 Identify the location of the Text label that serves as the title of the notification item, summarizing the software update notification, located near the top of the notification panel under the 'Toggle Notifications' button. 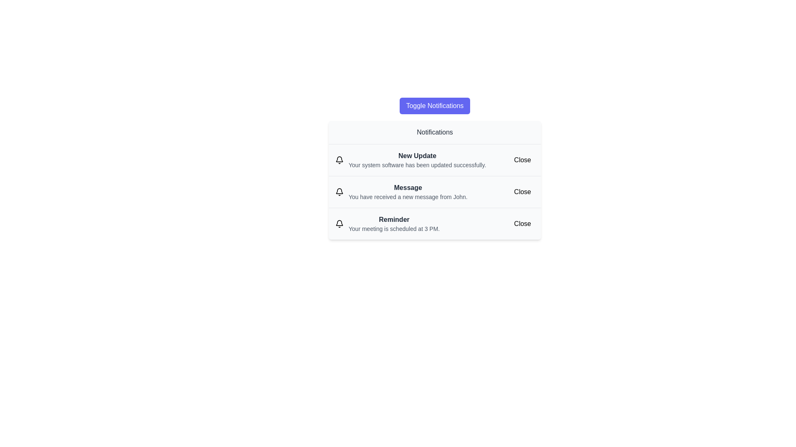
(417, 156).